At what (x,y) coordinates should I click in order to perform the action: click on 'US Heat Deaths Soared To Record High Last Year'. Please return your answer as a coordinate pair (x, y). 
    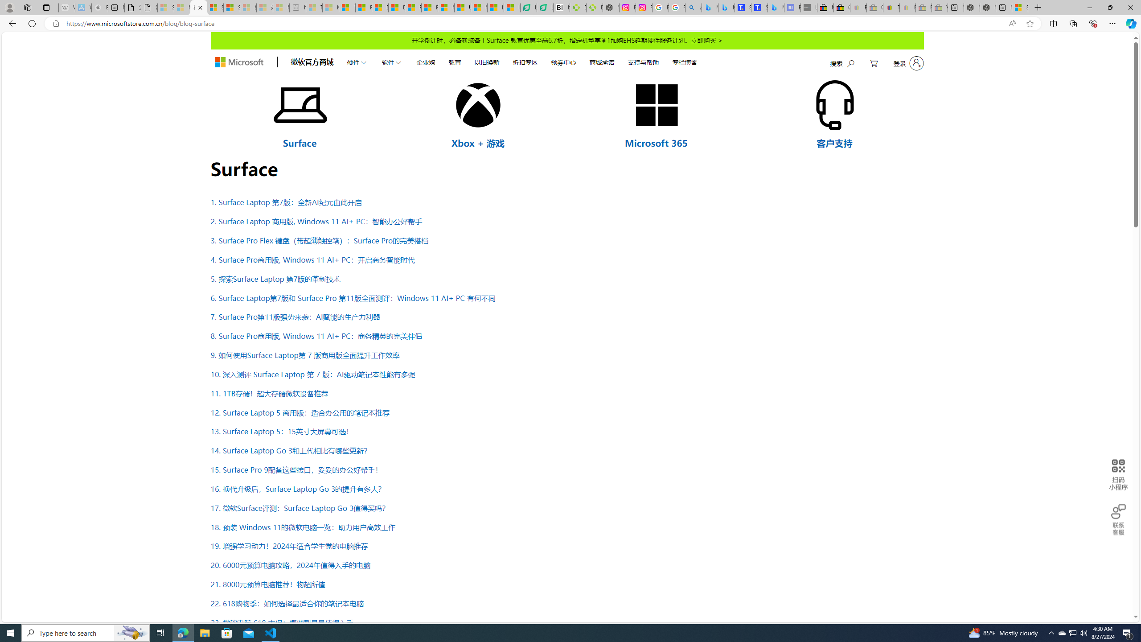
    Looking at the image, I should click on (463, 7).